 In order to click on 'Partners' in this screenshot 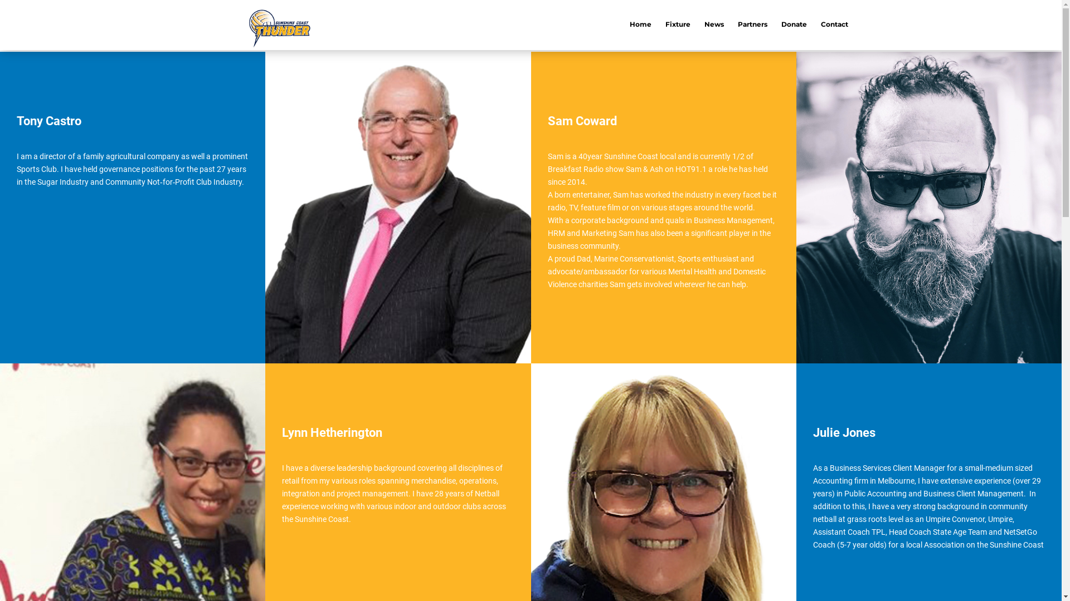, I will do `click(752, 25)`.